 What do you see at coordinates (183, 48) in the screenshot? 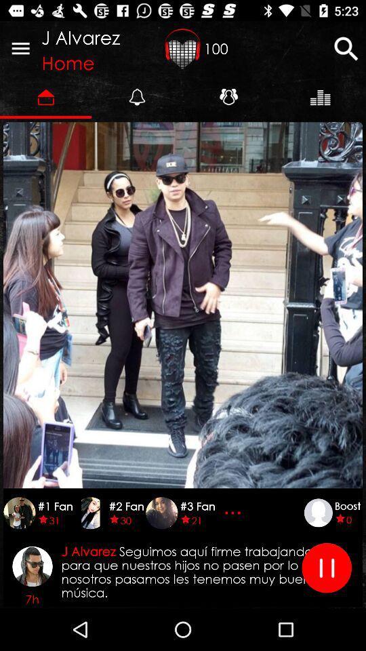
I see `the date_range icon` at bounding box center [183, 48].